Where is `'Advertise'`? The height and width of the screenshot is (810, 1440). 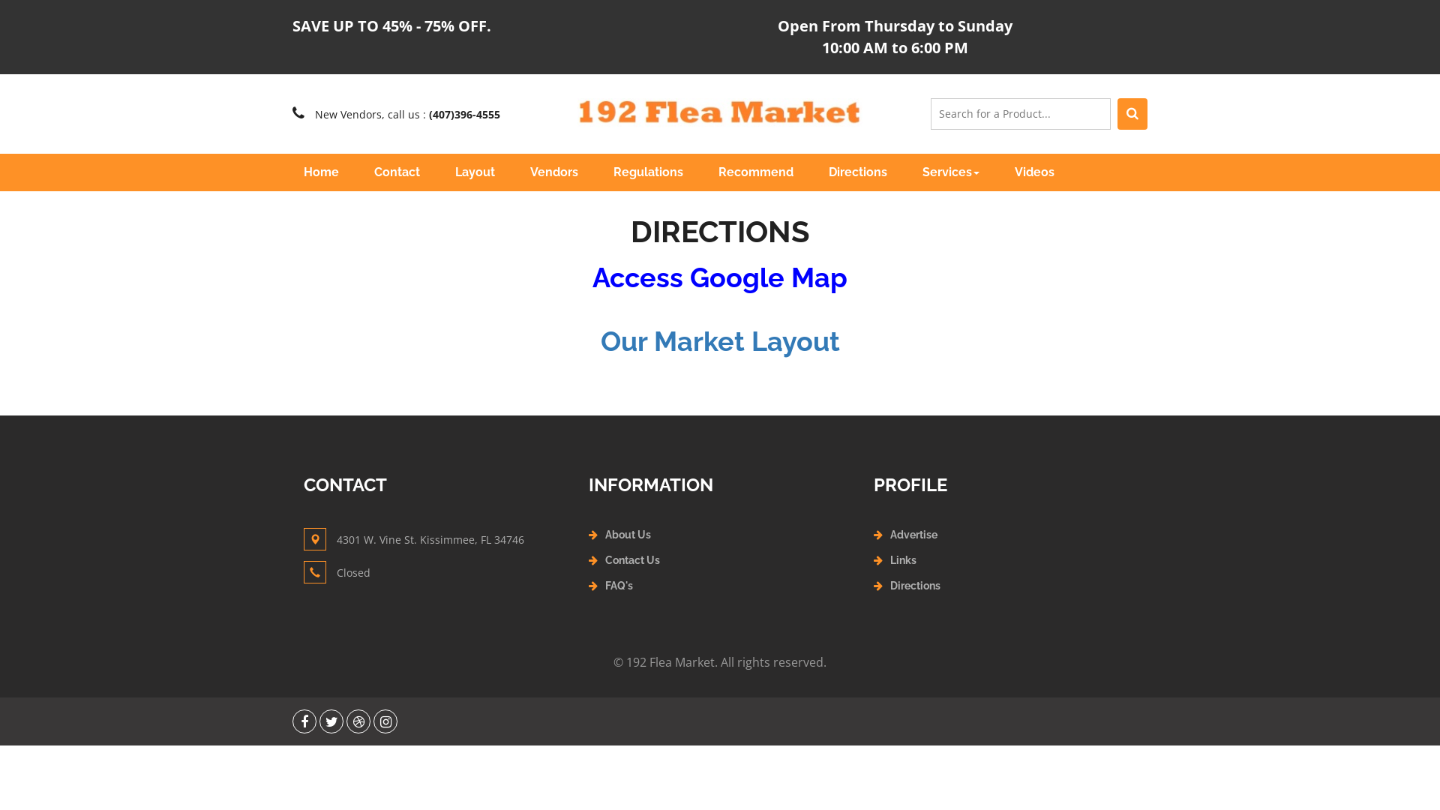 'Advertise' is located at coordinates (913, 534).